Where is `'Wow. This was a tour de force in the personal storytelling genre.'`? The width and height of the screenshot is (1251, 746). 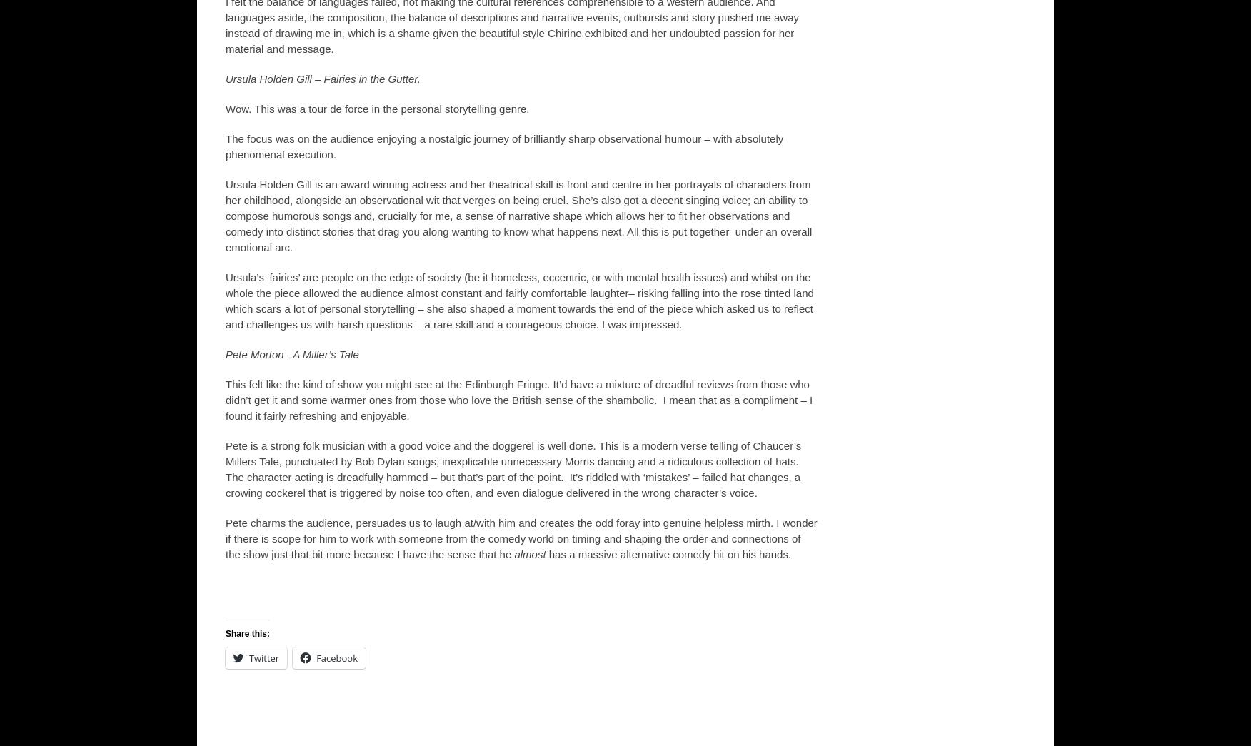 'Wow. This was a tour de force in the personal storytelling genre.' is located at coordinates (376, 108).